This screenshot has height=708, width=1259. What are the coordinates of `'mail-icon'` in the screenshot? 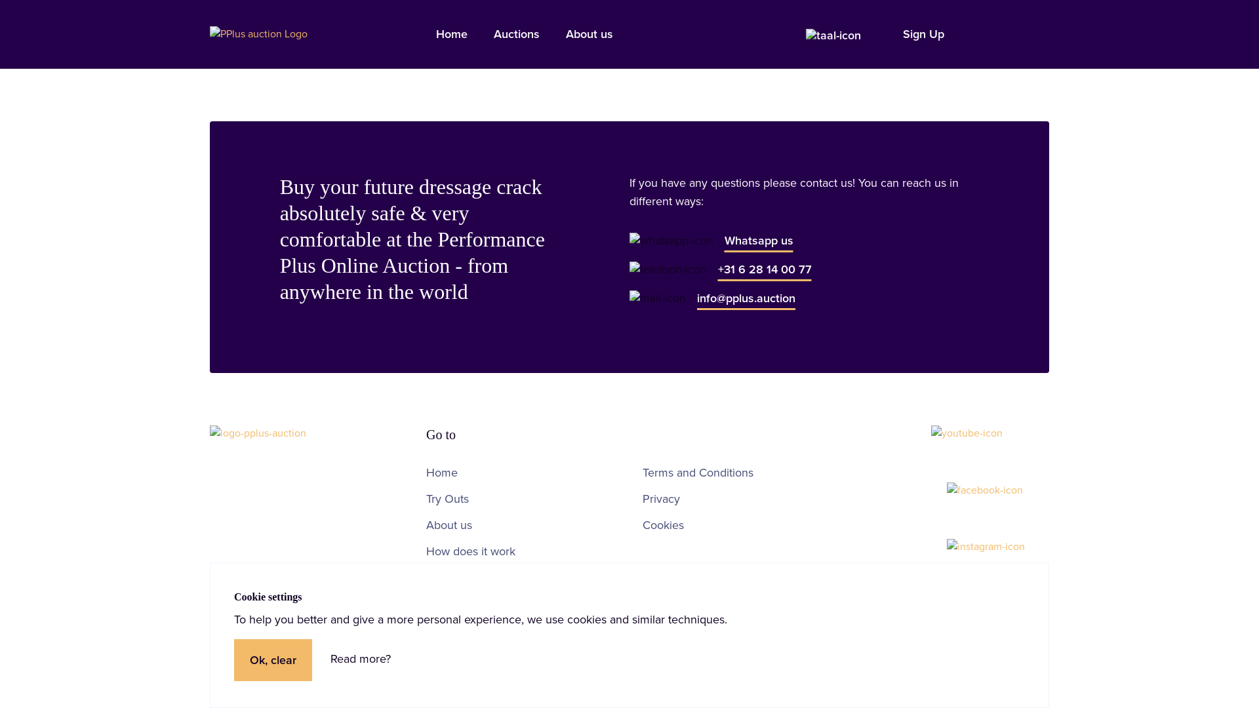 It's located at (658, 298).